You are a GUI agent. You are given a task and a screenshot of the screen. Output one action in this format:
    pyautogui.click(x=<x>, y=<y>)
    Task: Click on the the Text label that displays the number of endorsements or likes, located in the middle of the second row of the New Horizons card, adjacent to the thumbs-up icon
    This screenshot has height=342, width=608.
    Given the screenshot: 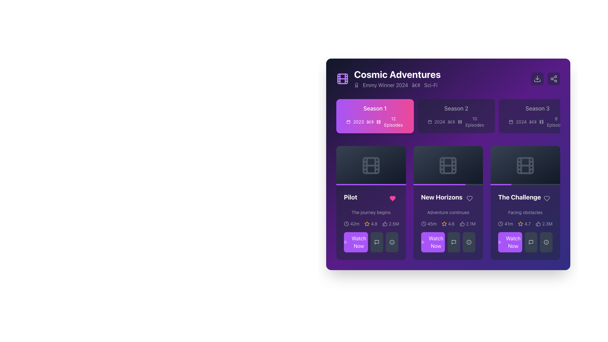 What is the action you would take?
    pyautogui.click(x=471, y=223)
    